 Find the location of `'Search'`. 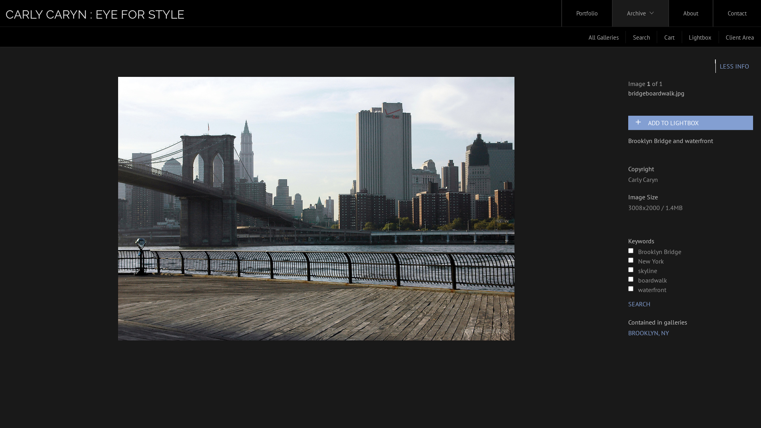

'Search' is located at coordinates (641, 37).